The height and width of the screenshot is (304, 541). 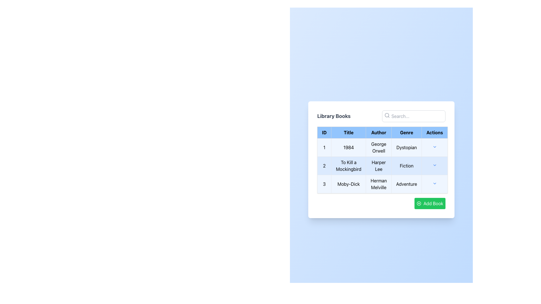 I want to click on the circular green icon with a plus sign located to the left of the 'Add Book' text in the button at the lower-right corner of the table interface to initiate an action, so click(x=419, y=203).